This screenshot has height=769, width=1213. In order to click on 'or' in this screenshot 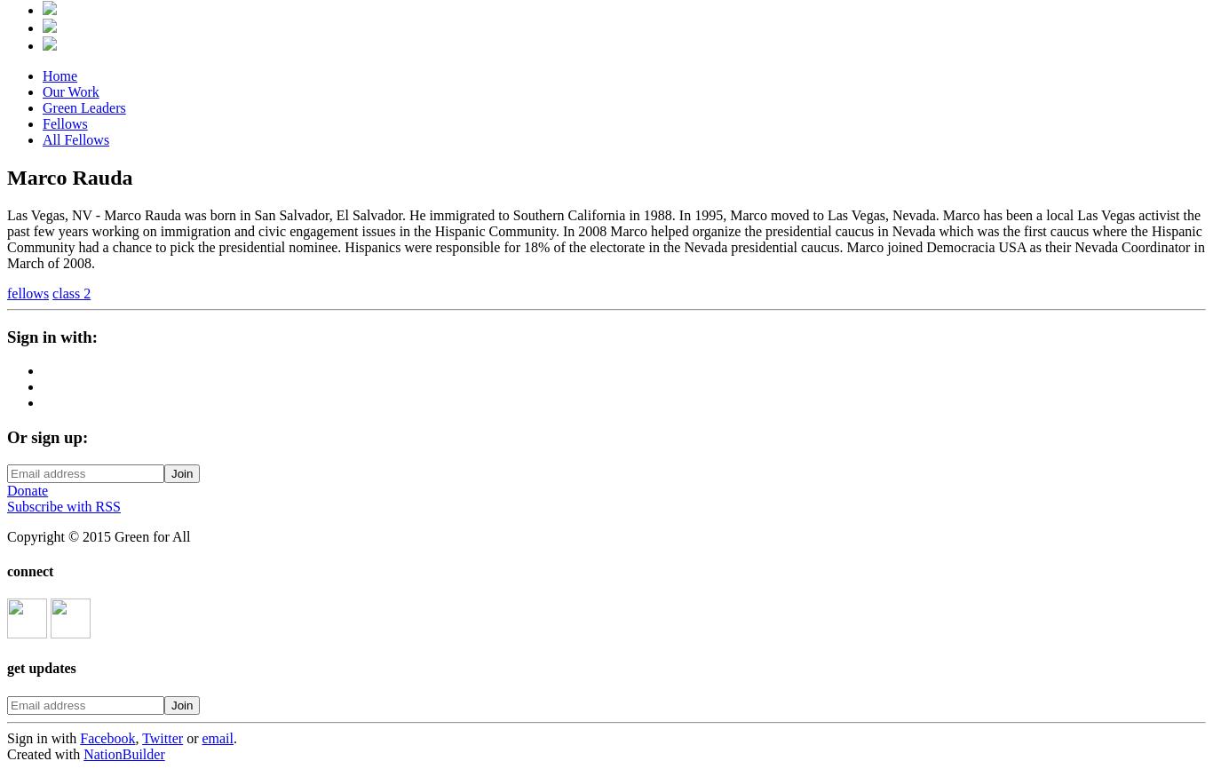, I will do `click(191, 736)`.